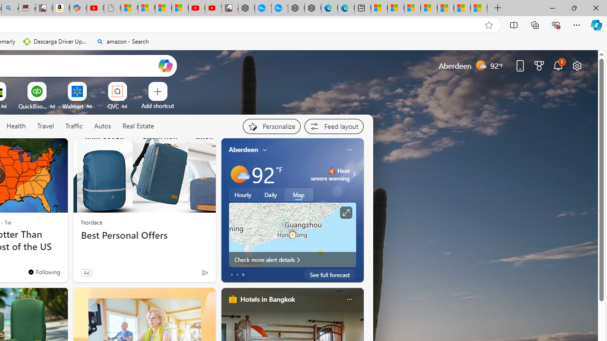 Image resolution: width=607 pixels, height=341 pixels. Describe the element at coordinates (292, 259) in the screenshot. I see `'Check more alert details'` at that location.